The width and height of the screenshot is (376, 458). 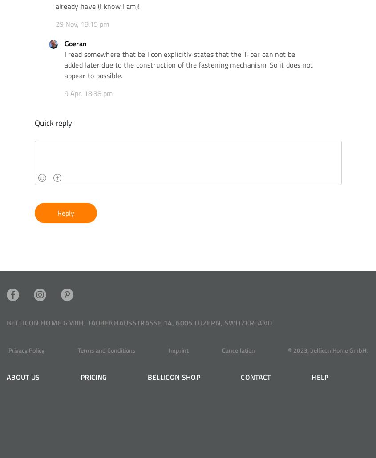 I want to click on 'Pricing', so click(x=93, y=376).